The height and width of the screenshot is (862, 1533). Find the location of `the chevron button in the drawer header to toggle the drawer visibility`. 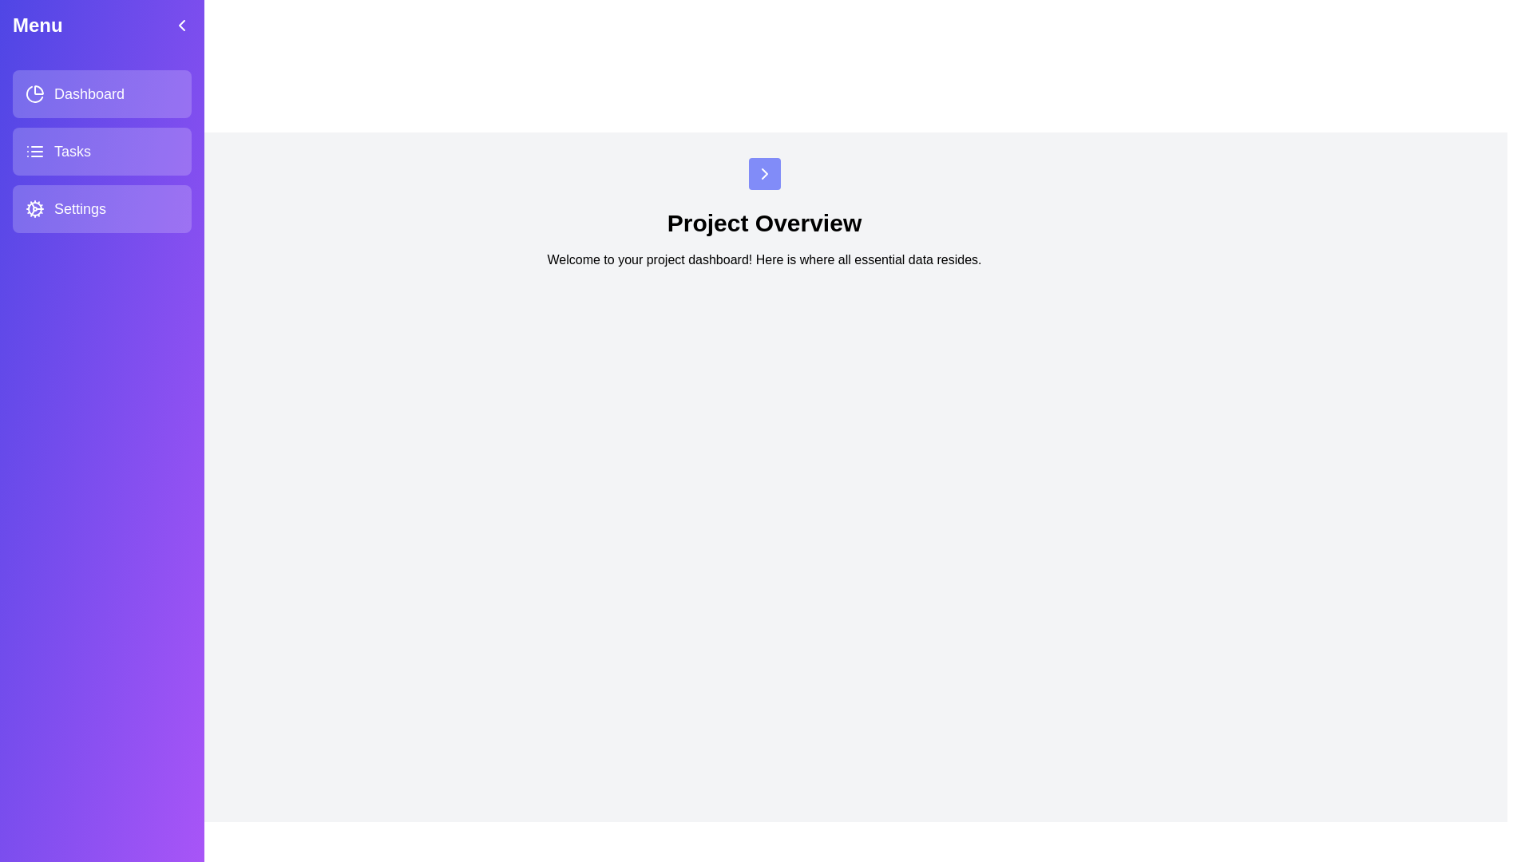

the chevron button in the drawer header to toggle the drawer visibility is located at coordinates (181, 25).